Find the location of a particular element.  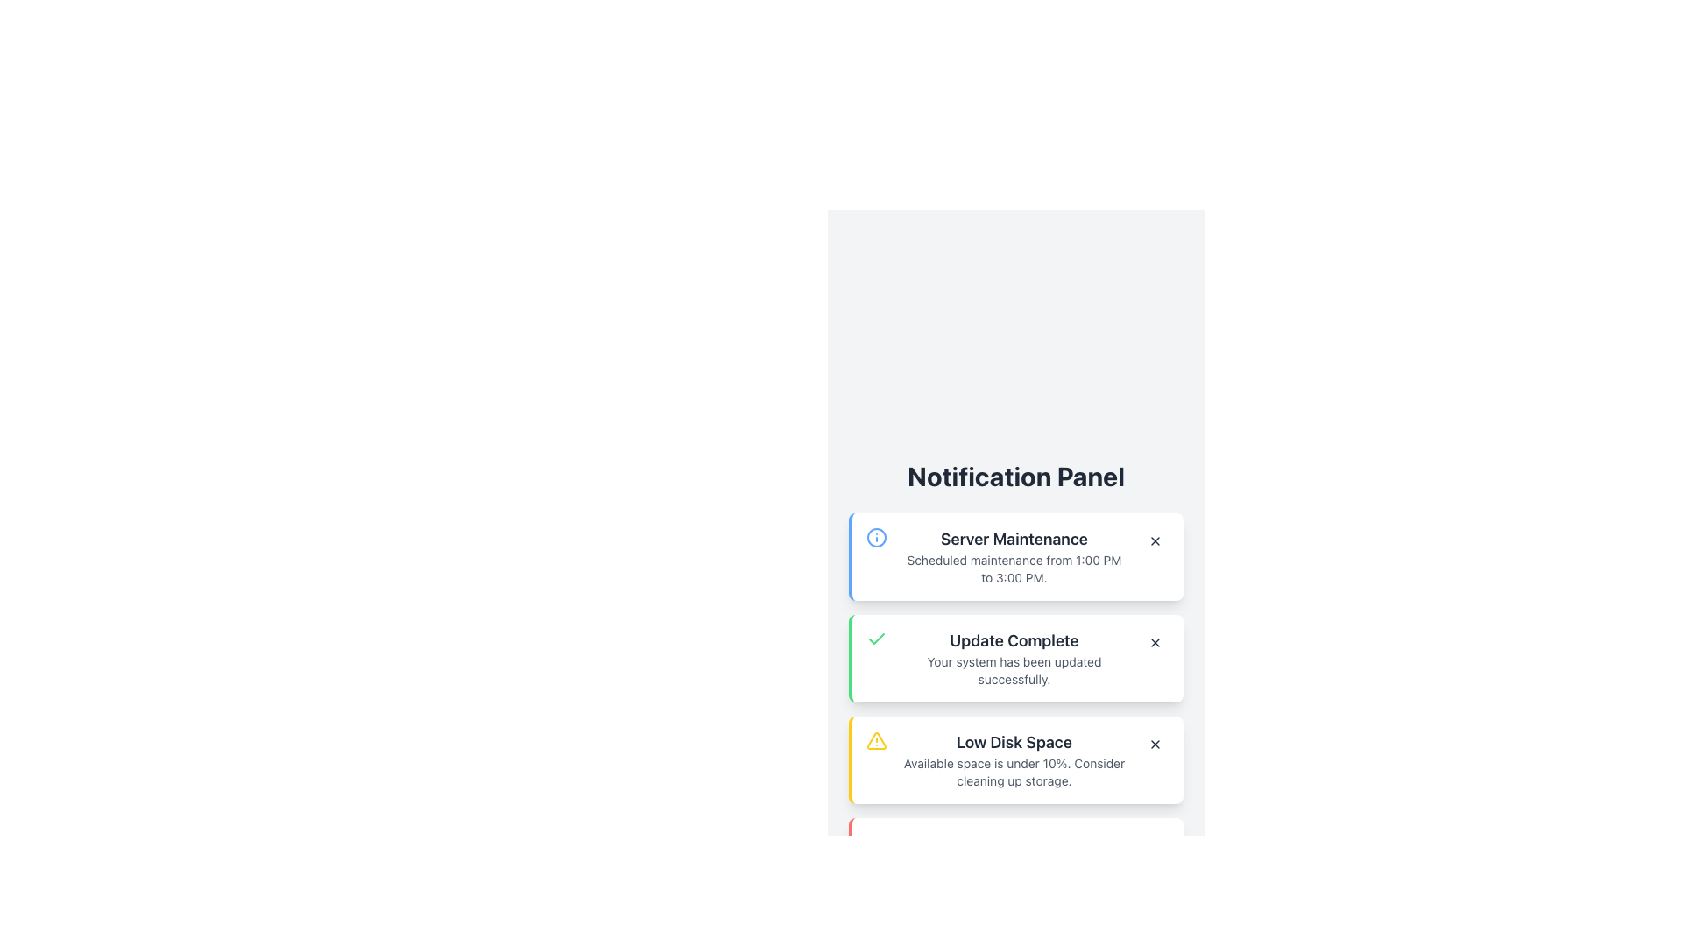

the close button icon for the notification labeled 'Update Complete' is located at coordinates (1155, 642).